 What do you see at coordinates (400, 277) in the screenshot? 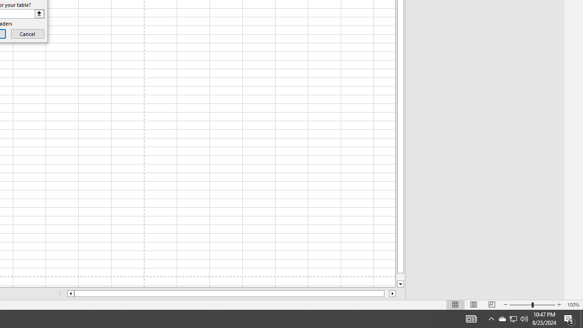
I see `'Page down'` at bounding box center [400, 277].